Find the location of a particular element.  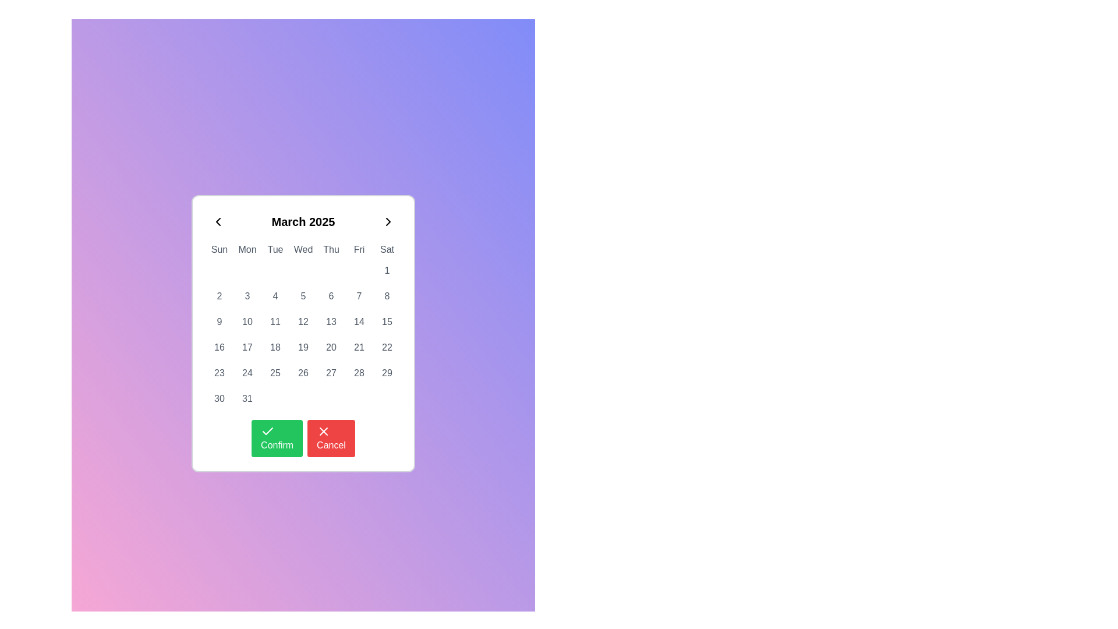

the white checkmark icon located within the green 'Confirm' button at the bottom of the calendar widget is located at coordinates (267, 431).